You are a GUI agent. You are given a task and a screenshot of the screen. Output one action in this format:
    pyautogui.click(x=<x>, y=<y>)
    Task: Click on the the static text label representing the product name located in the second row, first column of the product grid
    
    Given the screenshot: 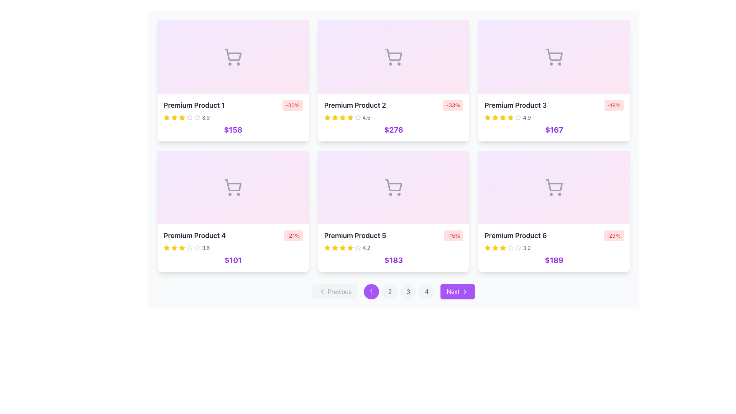 What is the action you would take?
    pyautogui.click(x=195, y=235)
    